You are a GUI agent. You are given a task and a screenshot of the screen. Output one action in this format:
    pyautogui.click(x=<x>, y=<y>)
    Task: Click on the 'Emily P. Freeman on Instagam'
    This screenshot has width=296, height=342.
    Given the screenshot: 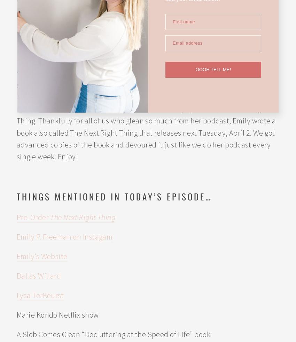 What is the action you would take?
    pyautogui.click(x=64, y=236)
    